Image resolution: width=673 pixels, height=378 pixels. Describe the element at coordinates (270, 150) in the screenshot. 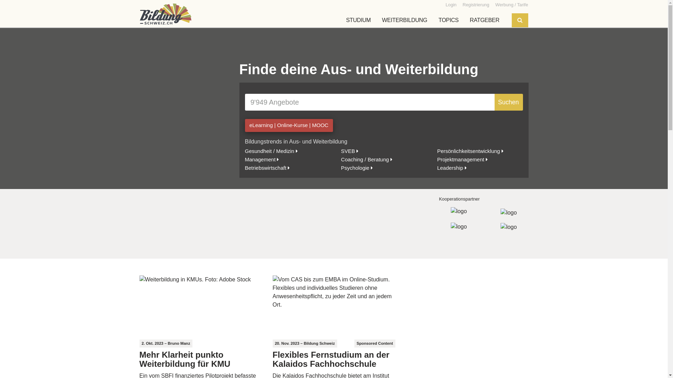

I see `'Gesundheit / Medizin'` at that location.